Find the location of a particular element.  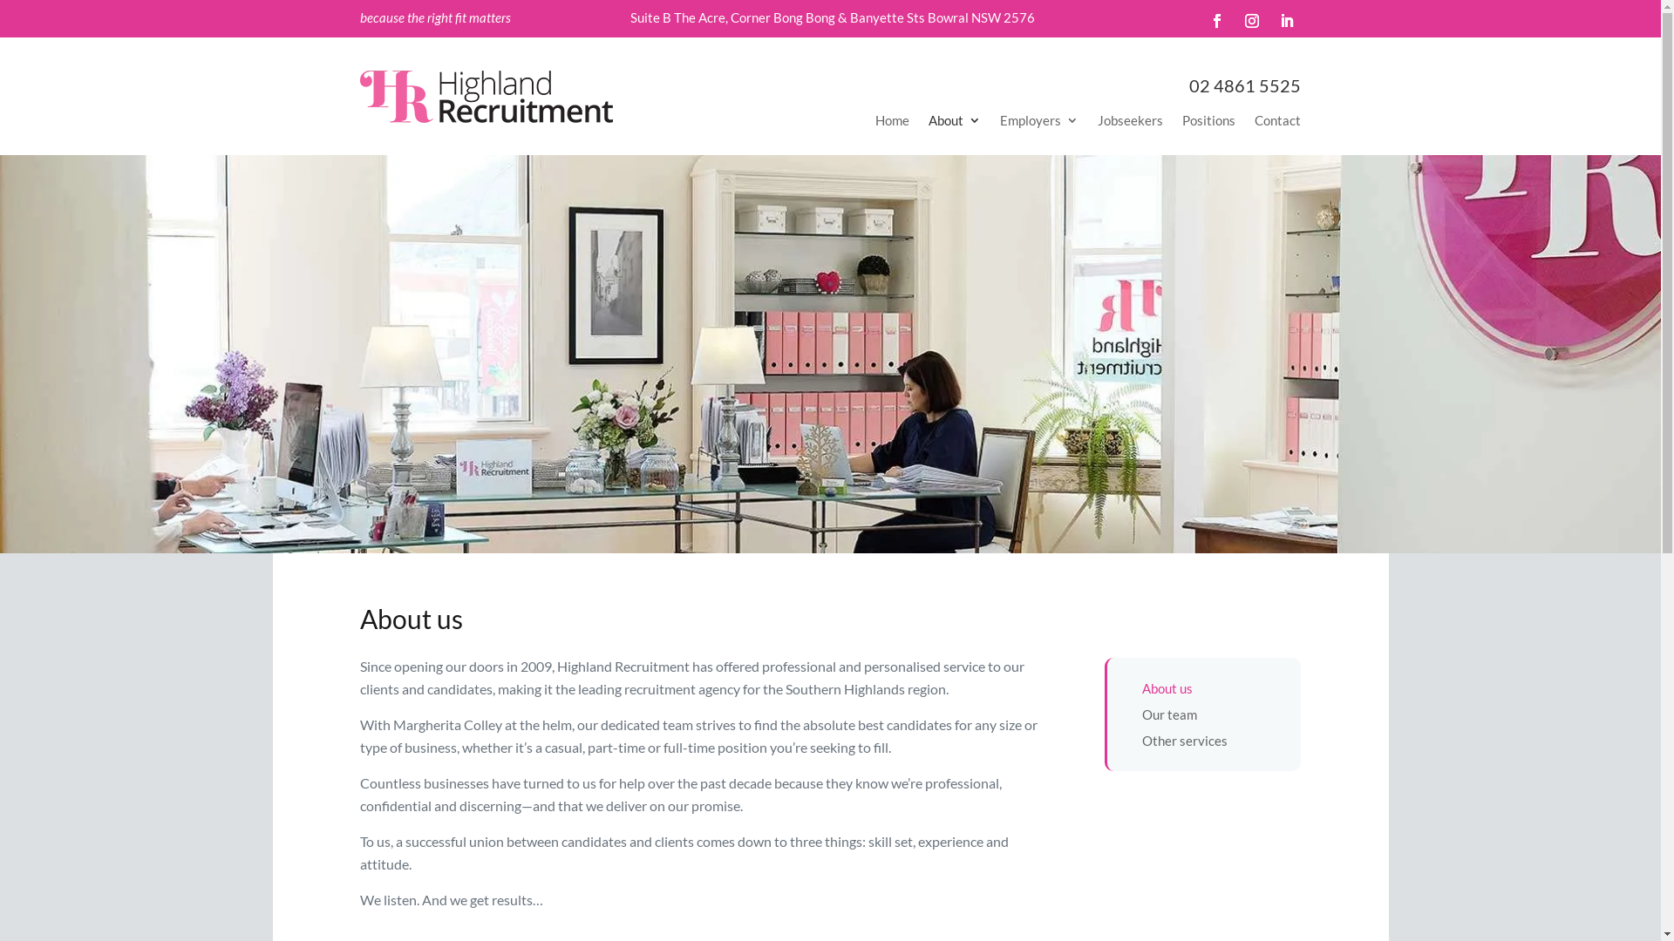

'Other services' is located at coordinates (1184, 743).